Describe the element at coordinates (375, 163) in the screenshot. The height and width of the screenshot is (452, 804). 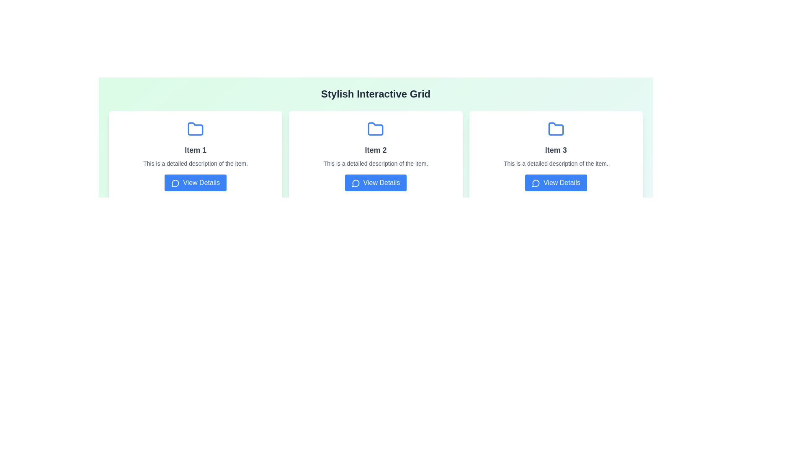
I see `the informational text description that accompanies the 'Item 2' card, which is located below the title 'Item 2' and above the 'View Details' button in the second column of the grid` at that location.